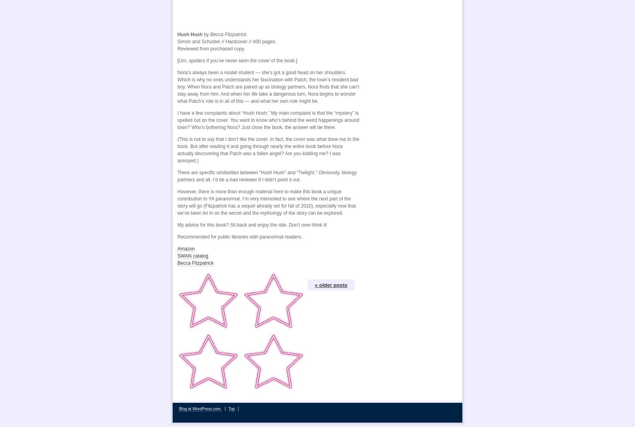 The width and height of the screenshot is (635, 427). Describe the element at coordinates (200, 406) in the screenshot. I see `'Blog at WordPress.com.'` at that location.